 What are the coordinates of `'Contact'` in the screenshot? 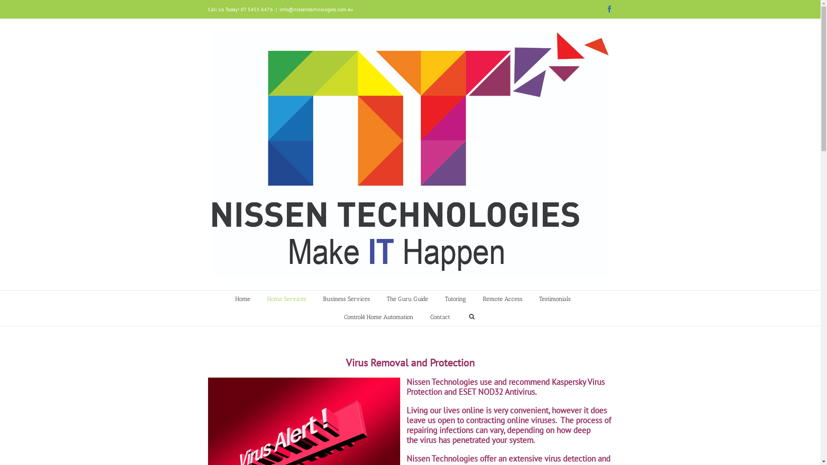 It's located at (430, 317).